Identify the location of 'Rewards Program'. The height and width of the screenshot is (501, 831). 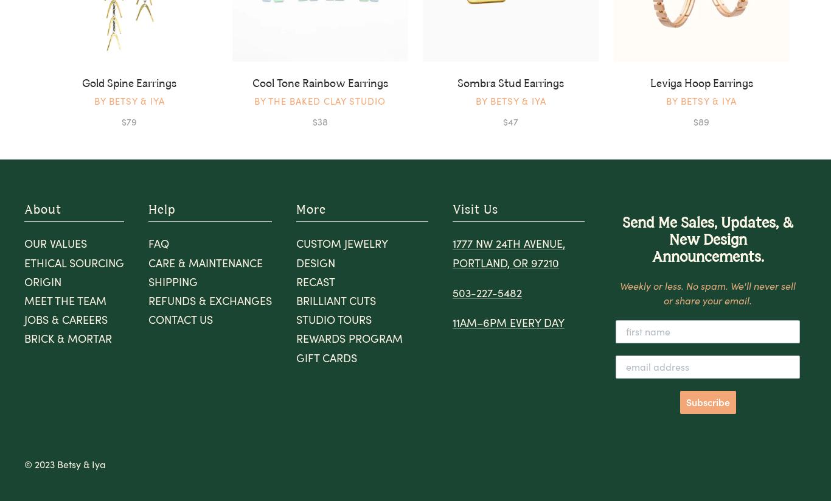
(296, 337).